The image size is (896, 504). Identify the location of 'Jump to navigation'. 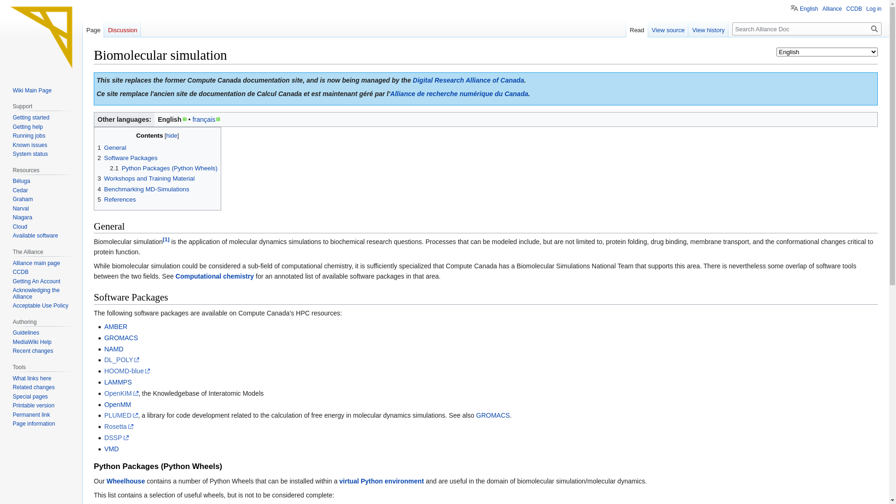
(93, 71).